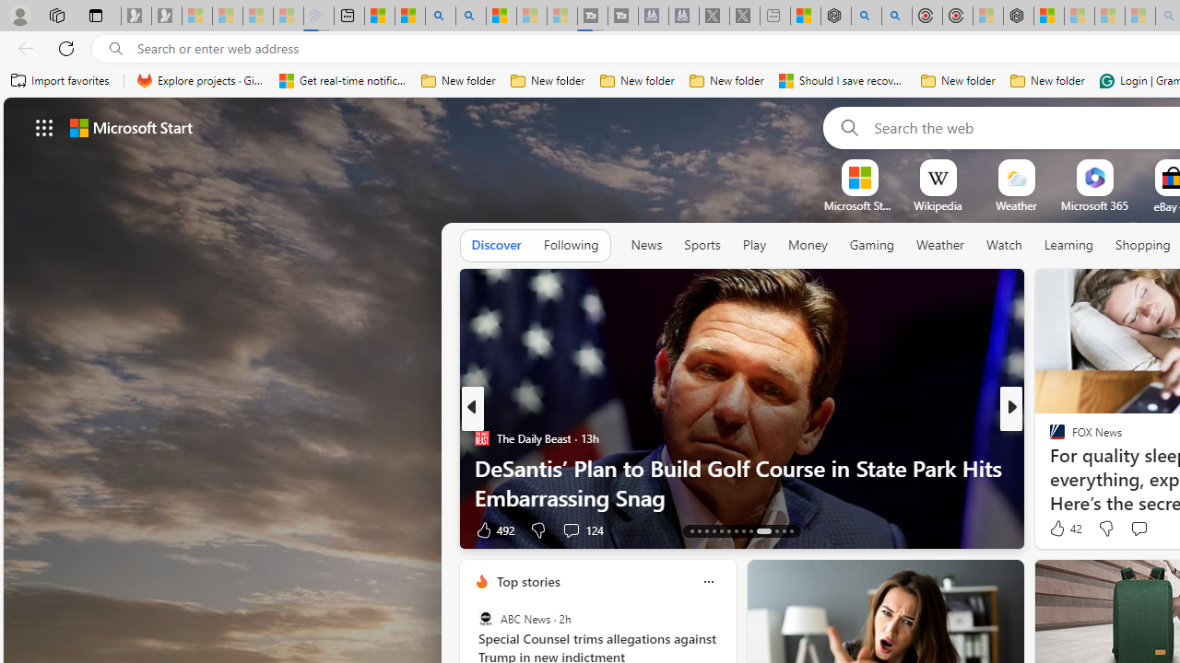  I want to click on 'BRAINY DOSE', so click(1049, 437).